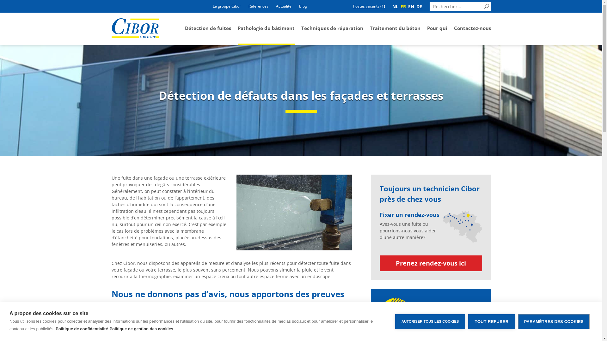 The image size is (607, 341). I want to click on 'NL', so click(395, 6).